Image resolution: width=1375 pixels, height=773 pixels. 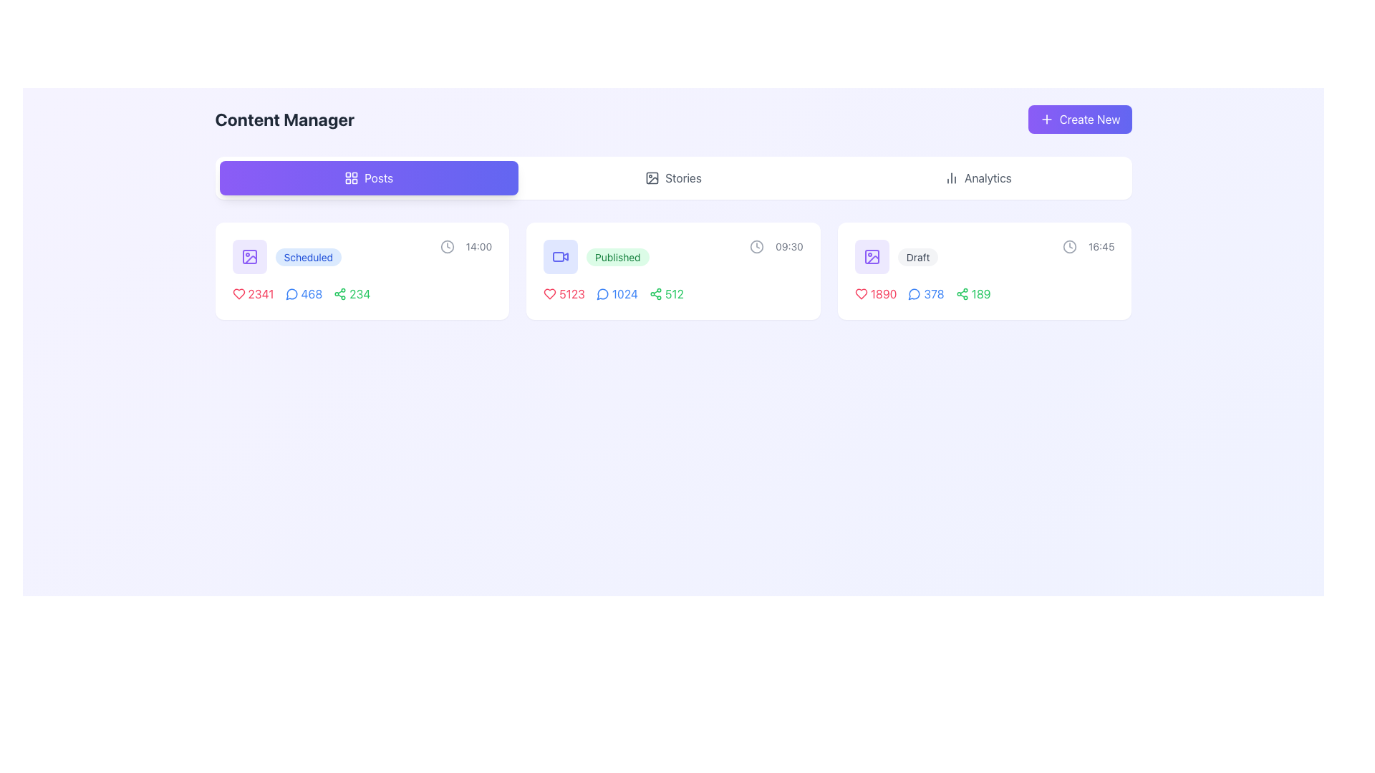 I want to click on the static text displaying '1024' in blue font color, so click(x=624, y=293).